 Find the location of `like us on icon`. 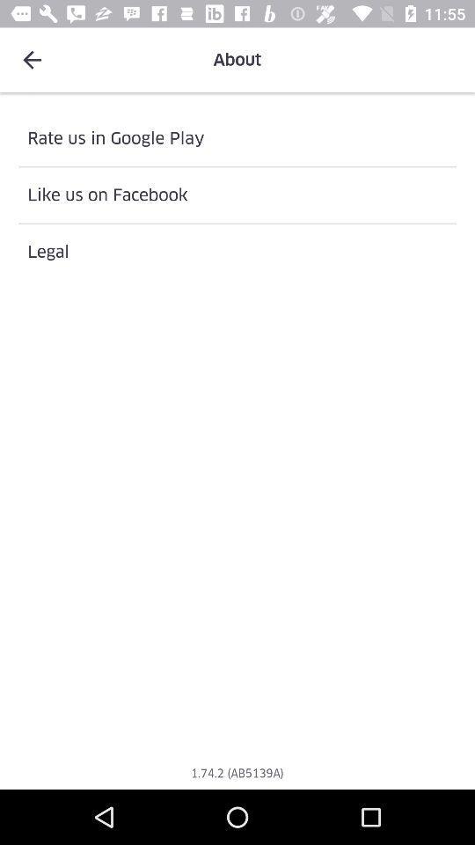

like us on icon is located at coordinates (237, 195).